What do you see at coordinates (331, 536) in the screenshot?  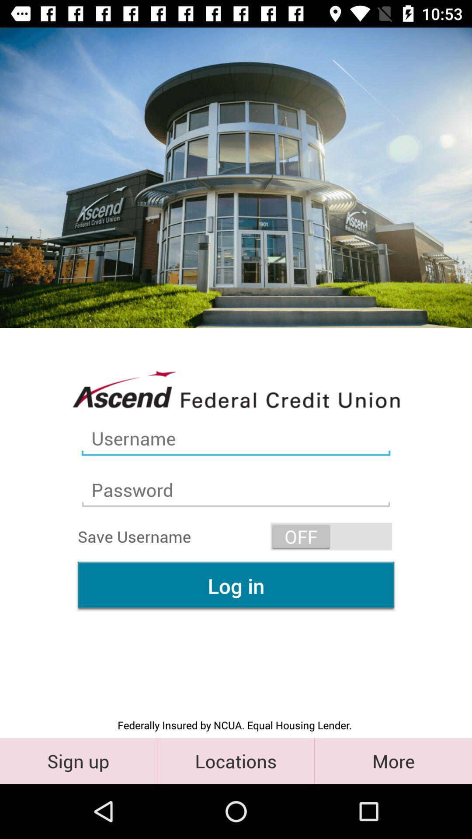 I see `the icon above the log in item` at bounding box center [331, 536].